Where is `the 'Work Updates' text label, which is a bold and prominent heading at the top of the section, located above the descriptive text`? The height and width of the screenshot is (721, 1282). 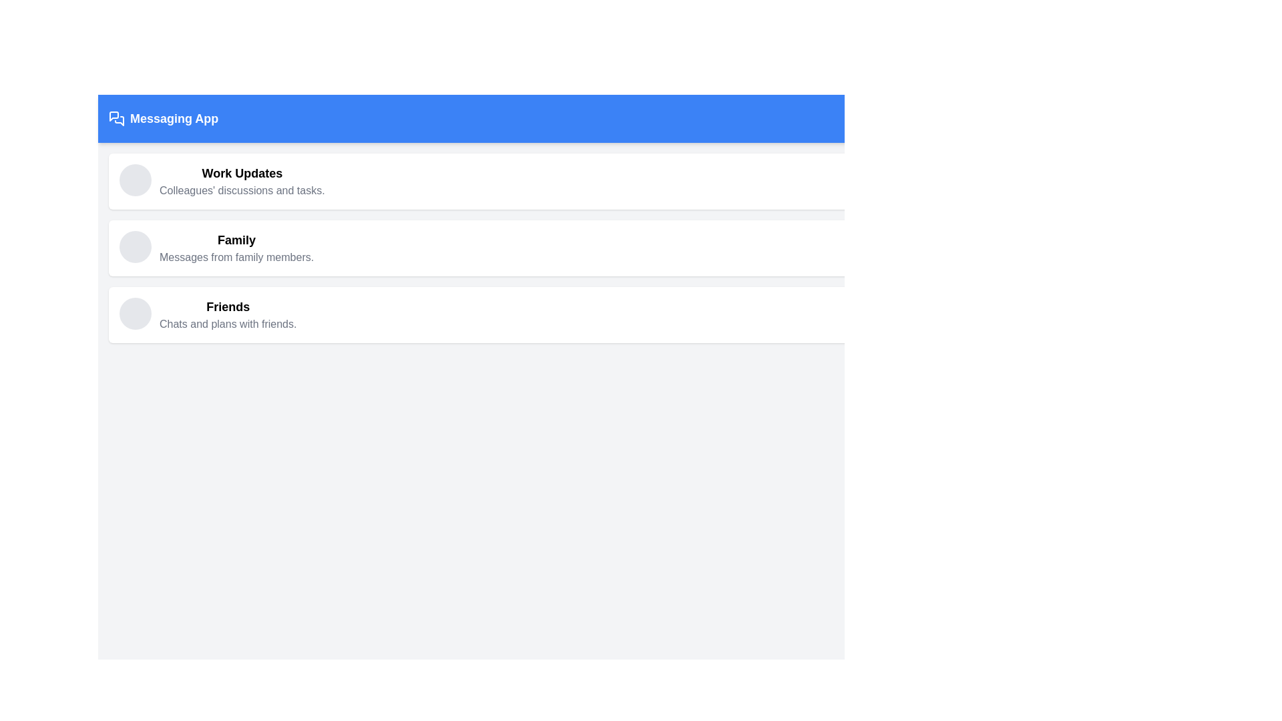 the 'Work Updates' text label, which is a bold and prominent heading at the top of the section, located above the descriptive text is located at coordinates (242, 172).